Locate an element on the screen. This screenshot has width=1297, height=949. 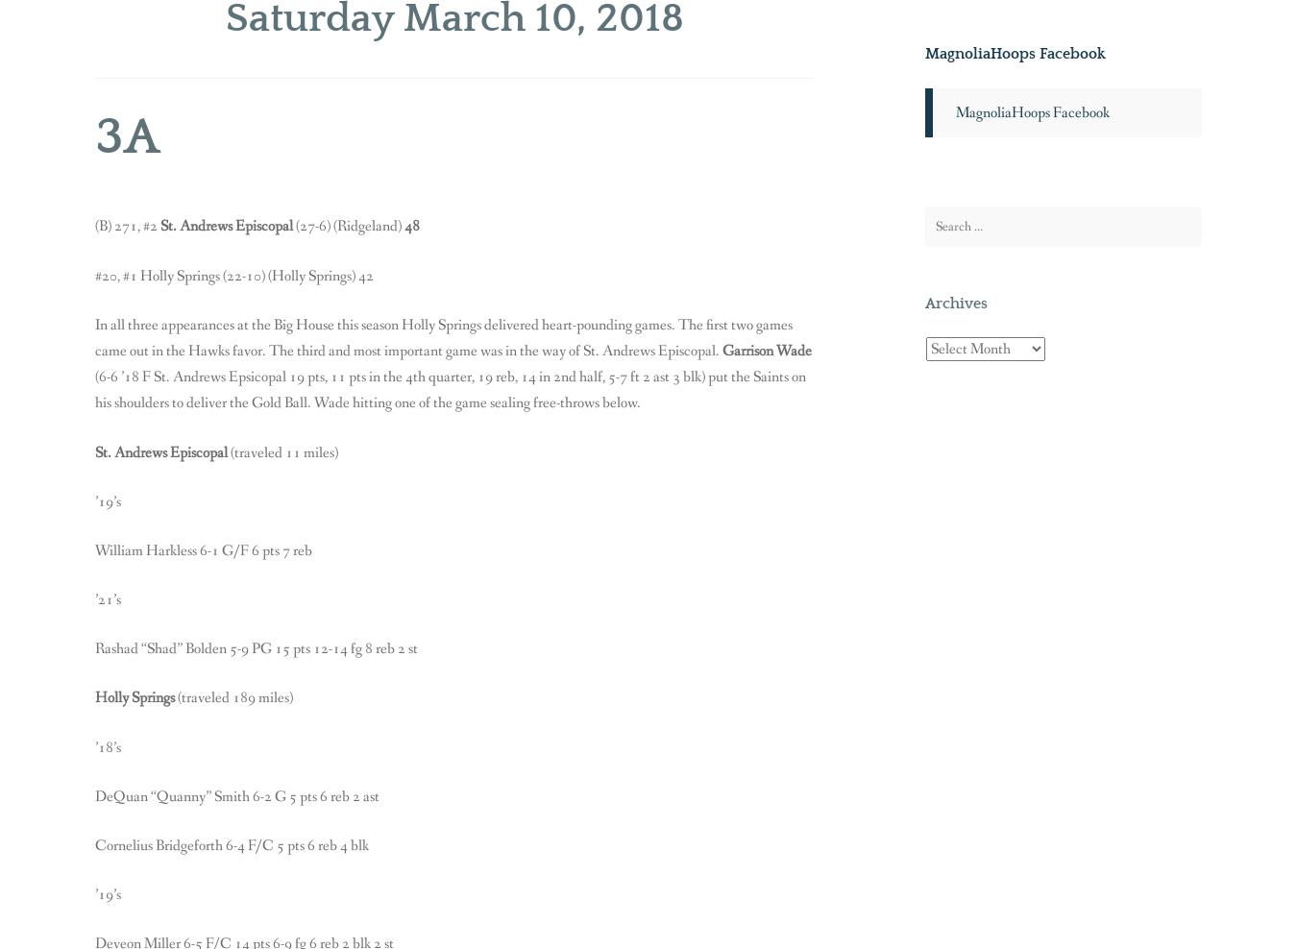
'Holly Springs' is located at coordinates (136, 697).